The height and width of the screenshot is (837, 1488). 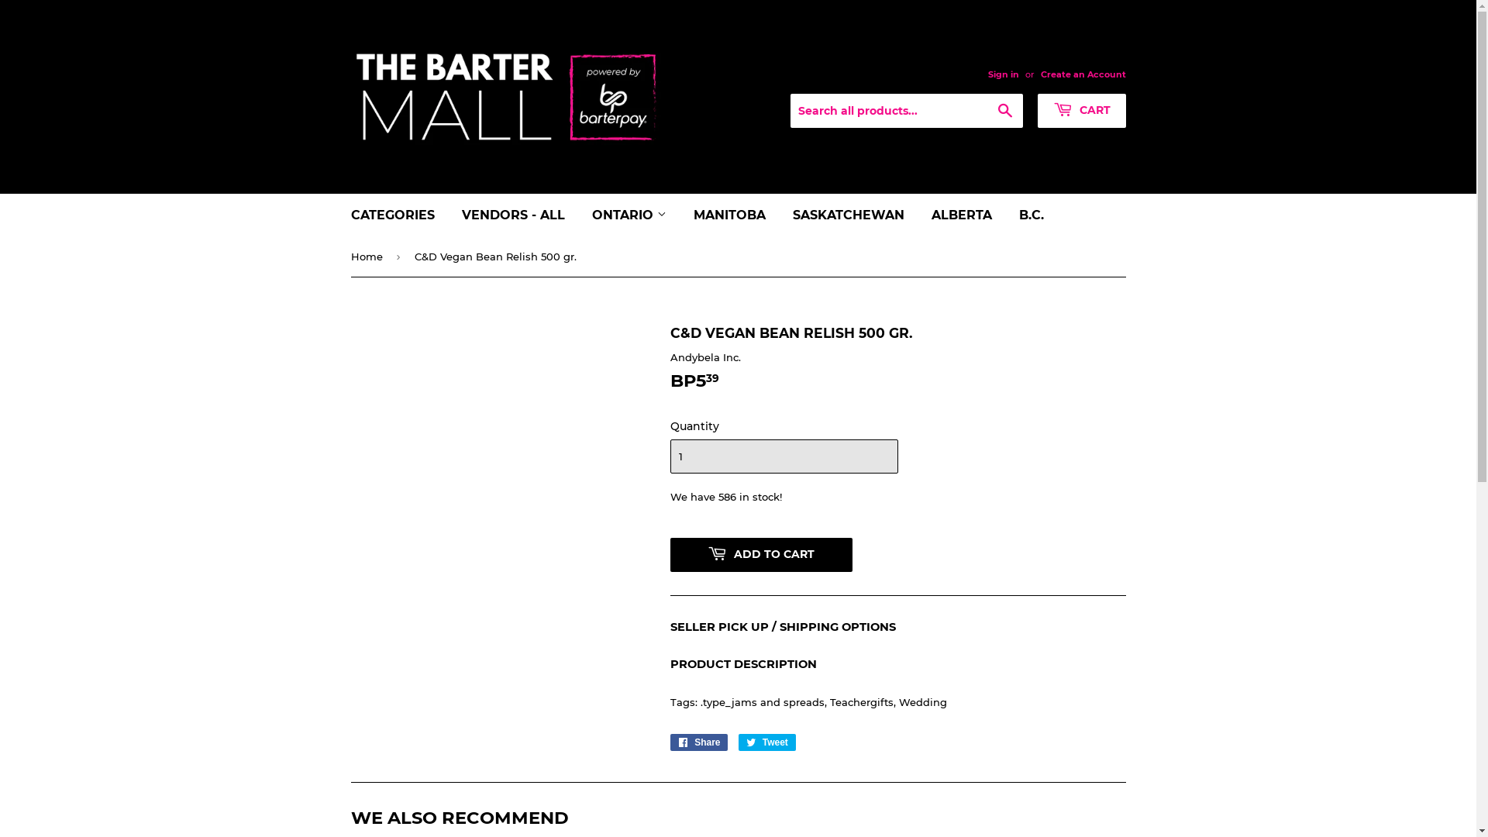 I want to click on 'ONTARIO', so click(x=629, y=215).